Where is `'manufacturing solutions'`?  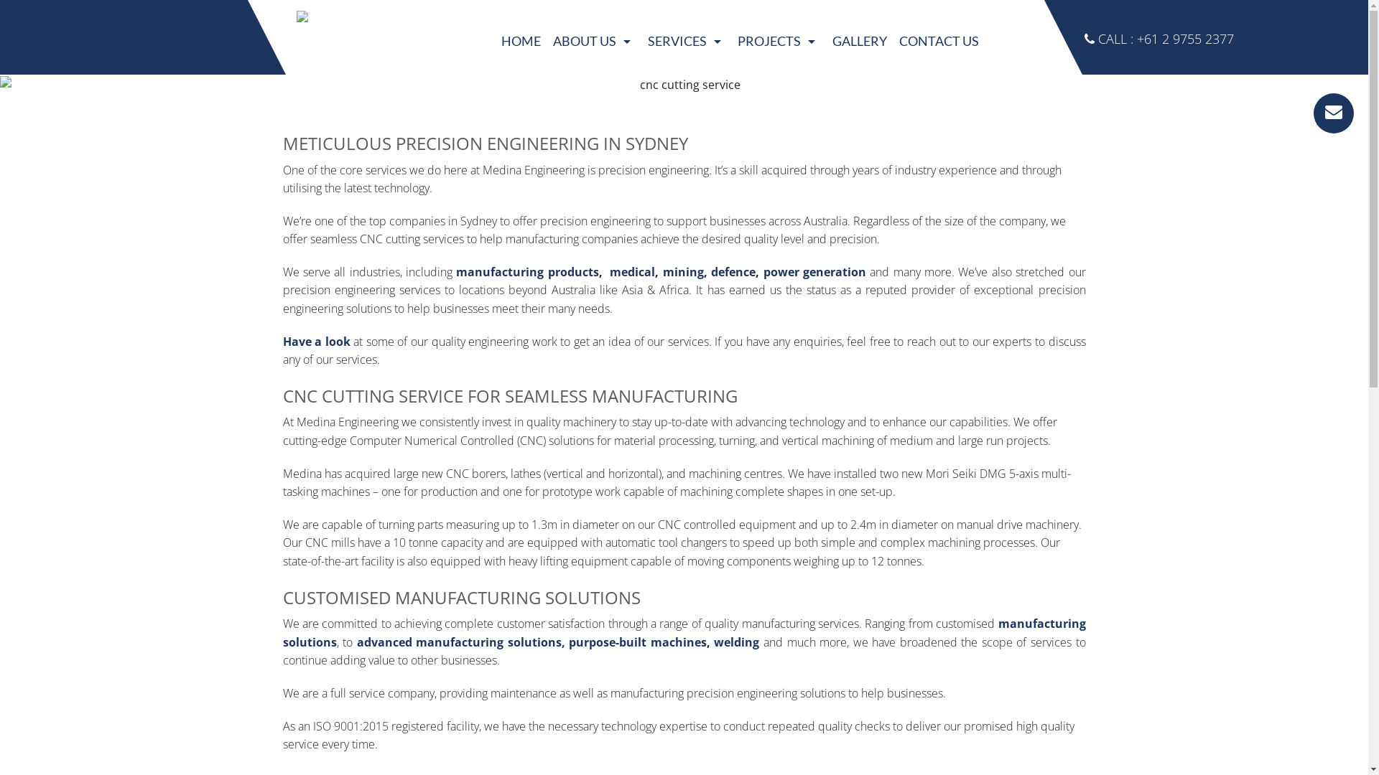
'manufacturing solutions' is located at coordinates (684, 632).